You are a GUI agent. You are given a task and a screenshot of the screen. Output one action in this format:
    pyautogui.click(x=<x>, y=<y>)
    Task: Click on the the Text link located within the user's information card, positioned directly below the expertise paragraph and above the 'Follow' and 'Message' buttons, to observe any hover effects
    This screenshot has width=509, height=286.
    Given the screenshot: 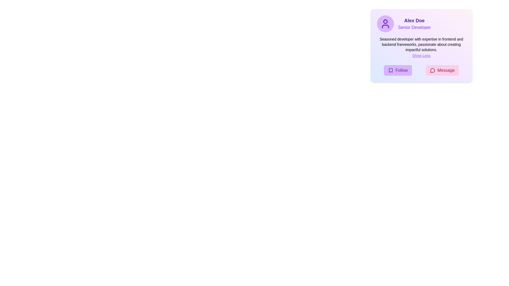 What is the action you would take?
    pyautogui.click(x=421, y=55)
    